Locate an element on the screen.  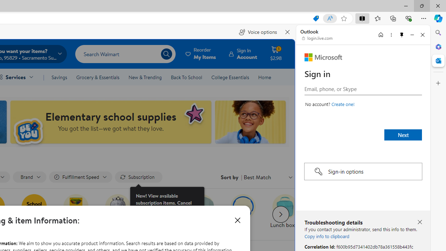
'Next' is located at coordinates (403, 135).